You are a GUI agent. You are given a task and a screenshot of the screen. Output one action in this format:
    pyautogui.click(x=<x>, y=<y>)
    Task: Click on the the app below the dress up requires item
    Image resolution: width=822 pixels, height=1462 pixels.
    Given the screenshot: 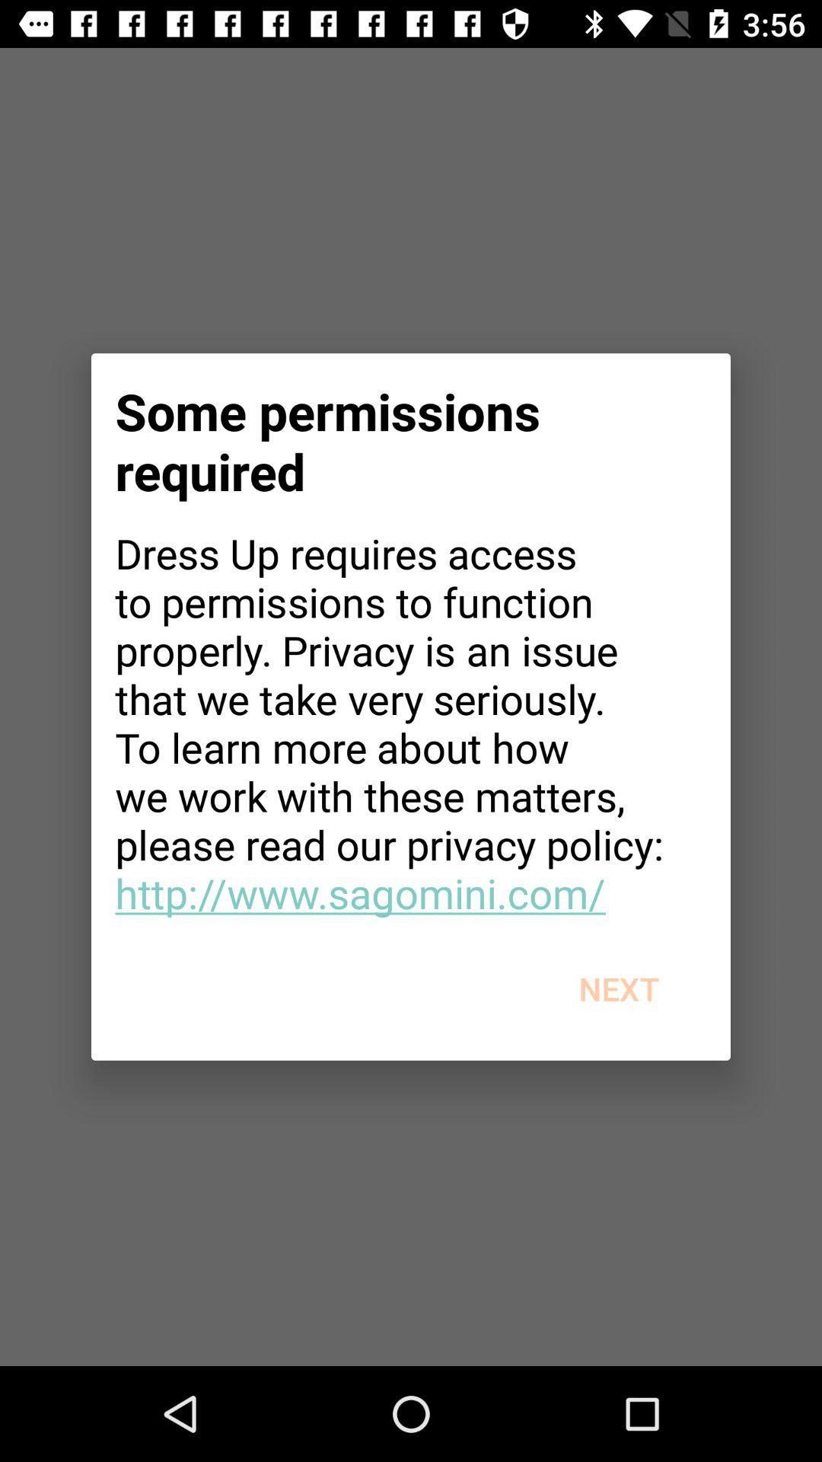 What is the action you would take?
    pyautogui.click(x=619, y=988)
    